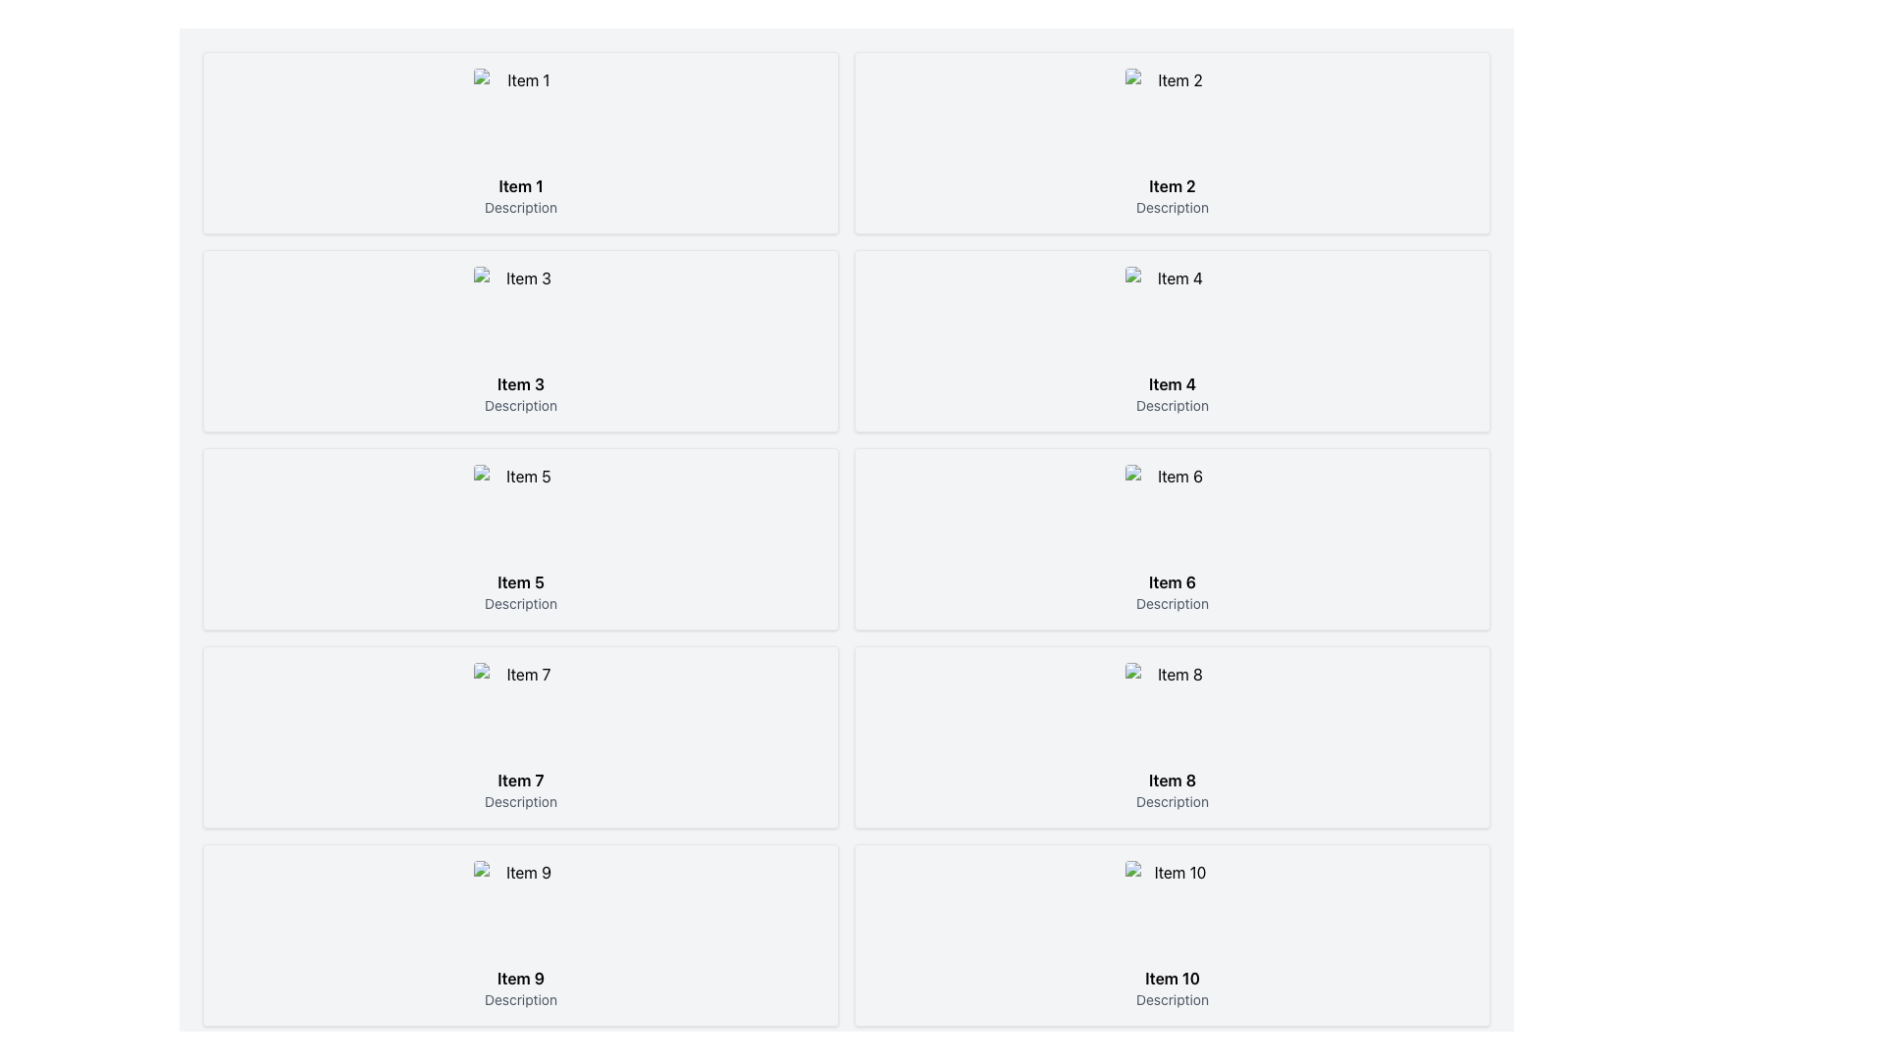 This screenshot has height=1059, width=1884. I want to click on the image placeholder that serves as a visual representation for 'Item 6', located in the right column, third row of the grid layout, so click(1173, 510).